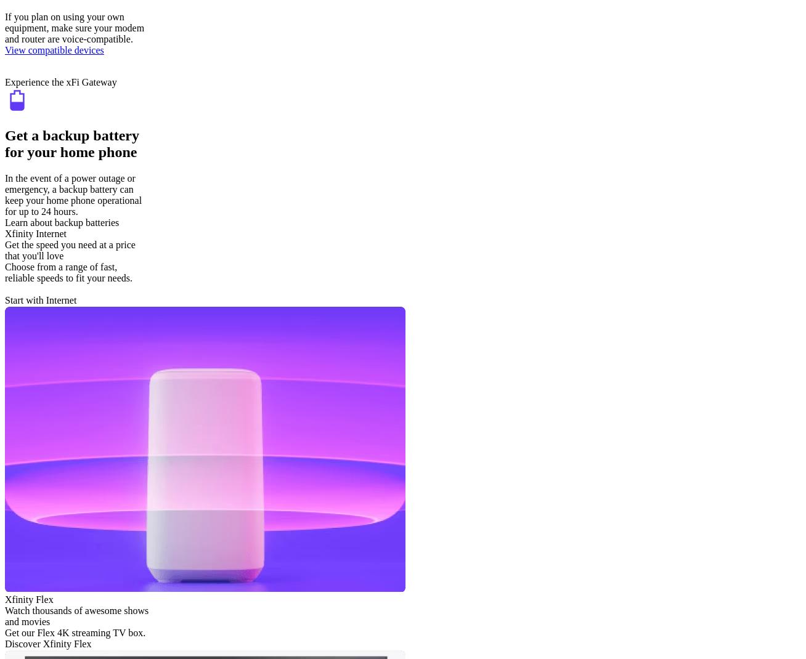 The image size is (806, 659). What do you see at coordinates (47, 643) in the screenshot?
I see `'Discover Xfinity Flex'` at bounding box center [47, 643].